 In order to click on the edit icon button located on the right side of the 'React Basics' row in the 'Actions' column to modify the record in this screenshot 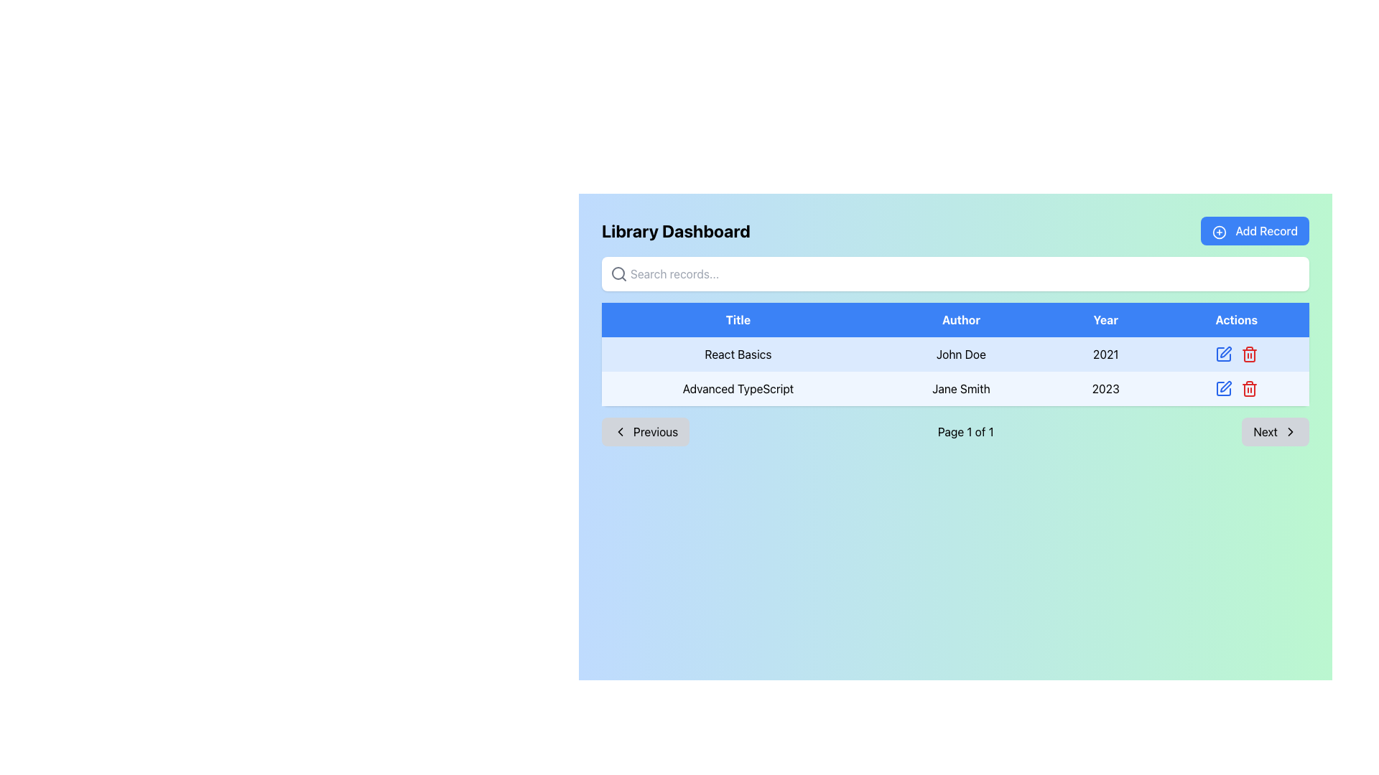, I will do `click(1222, 354)`.